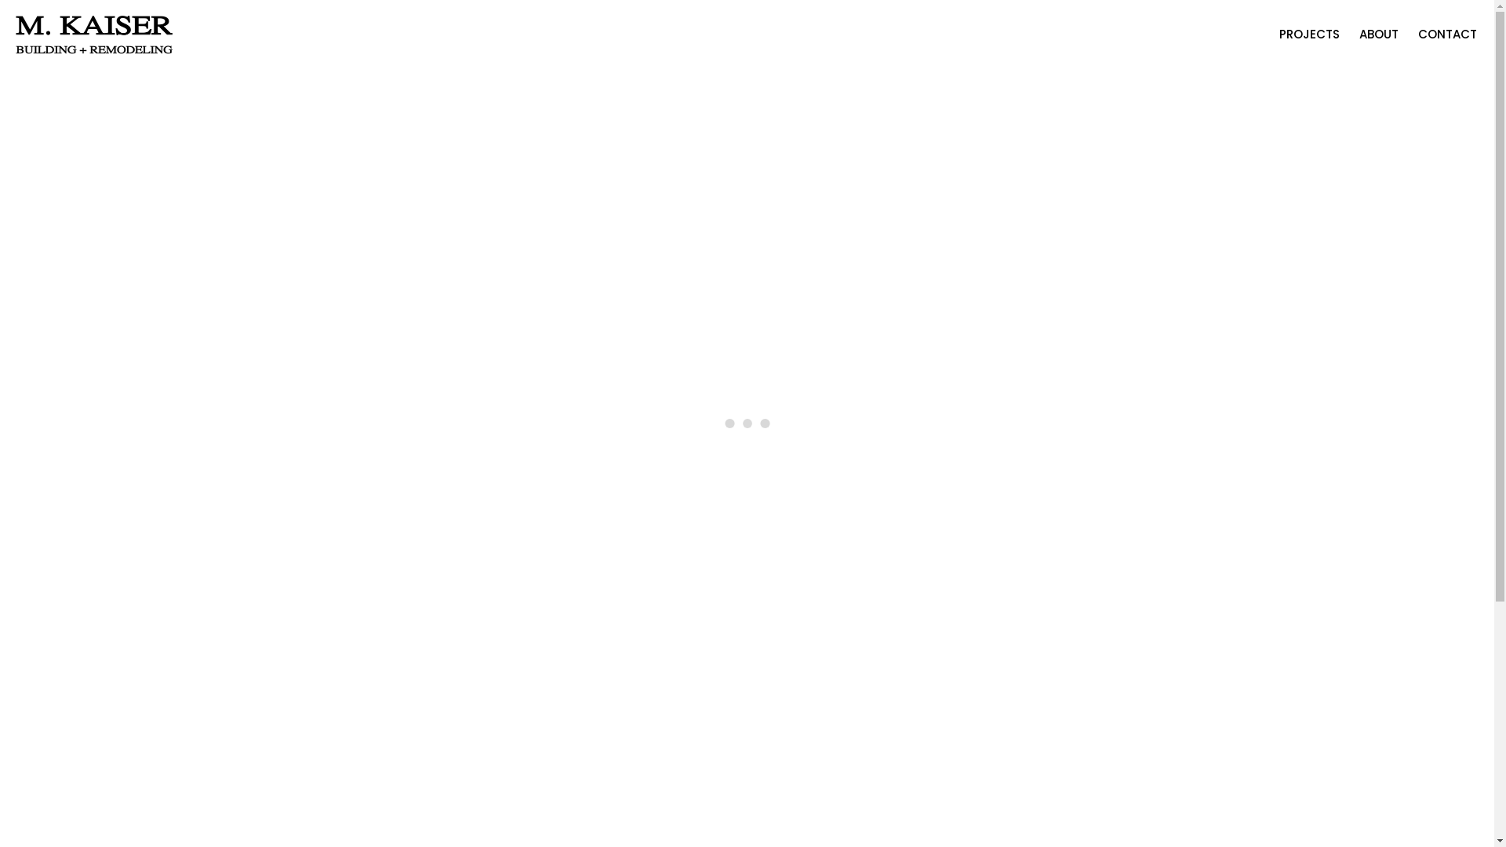 The width and height of the screenshot is (1506, 847). What do you see at coordinates (1309, 35) in the screenshot?
I see `'PROJECTS'` at bounding box center [1309, 35].